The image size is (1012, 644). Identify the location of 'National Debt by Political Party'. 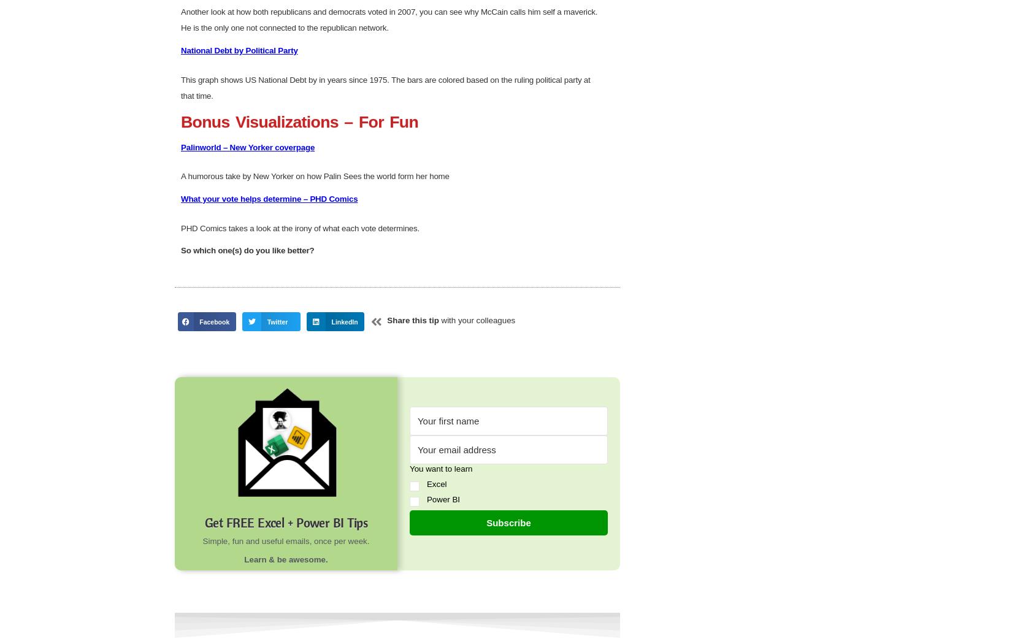
(239, 470).